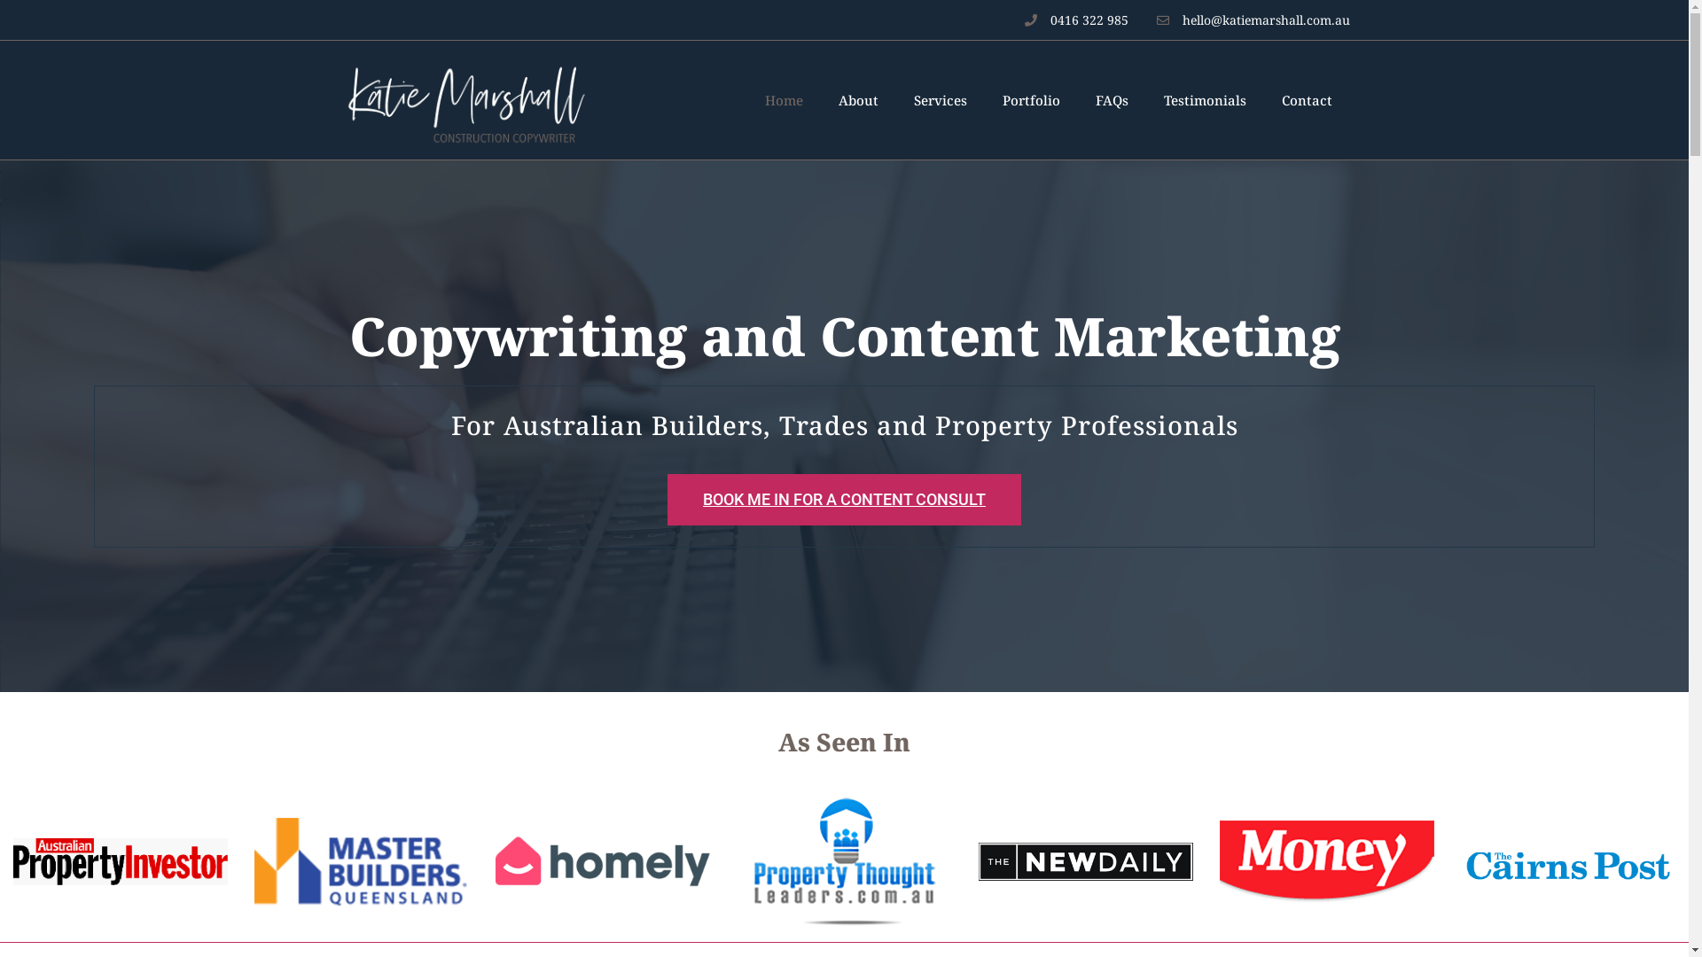  What do you see at coordinates (820, 99) in the screenshot?
I see `'About'` at bounding box center [820, 99].